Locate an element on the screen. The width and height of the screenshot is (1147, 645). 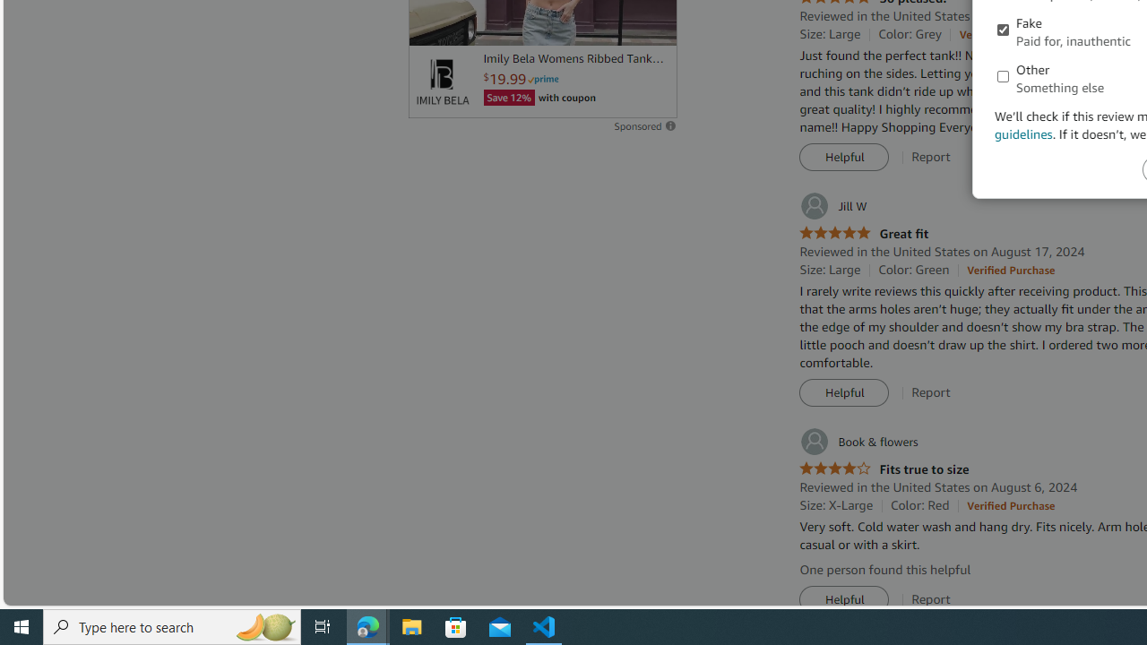
'Book & flowers' is located at coordinates (858, 442).